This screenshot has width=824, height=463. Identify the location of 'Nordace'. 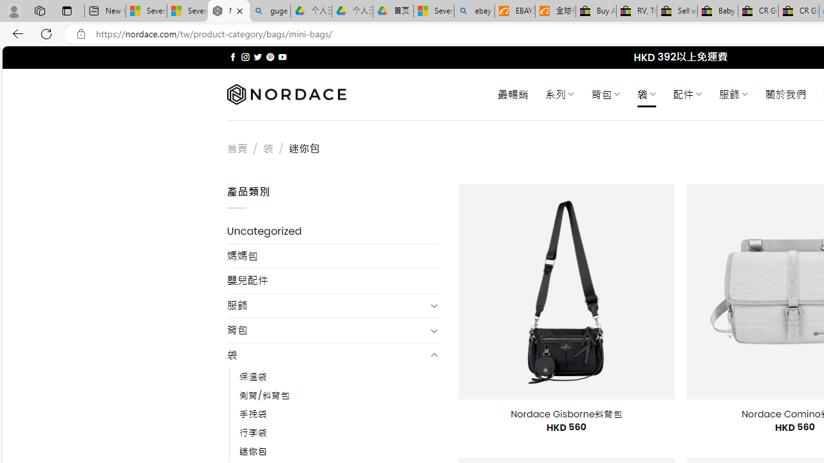
(285, 94).